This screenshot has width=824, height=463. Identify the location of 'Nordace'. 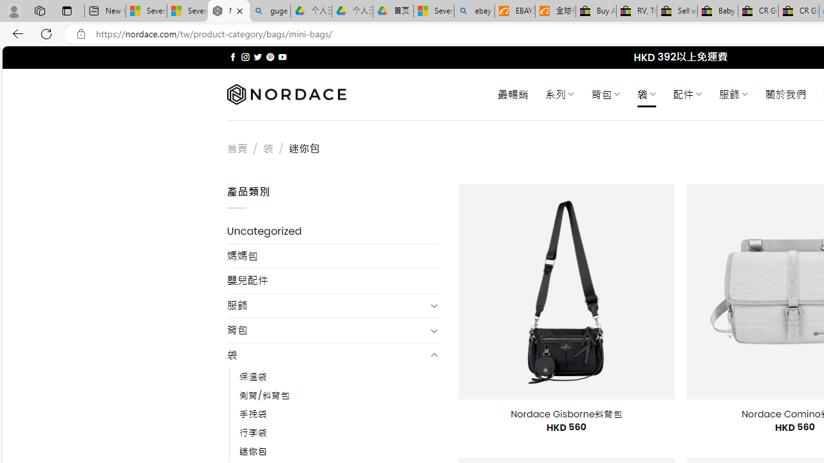
(285, 94).